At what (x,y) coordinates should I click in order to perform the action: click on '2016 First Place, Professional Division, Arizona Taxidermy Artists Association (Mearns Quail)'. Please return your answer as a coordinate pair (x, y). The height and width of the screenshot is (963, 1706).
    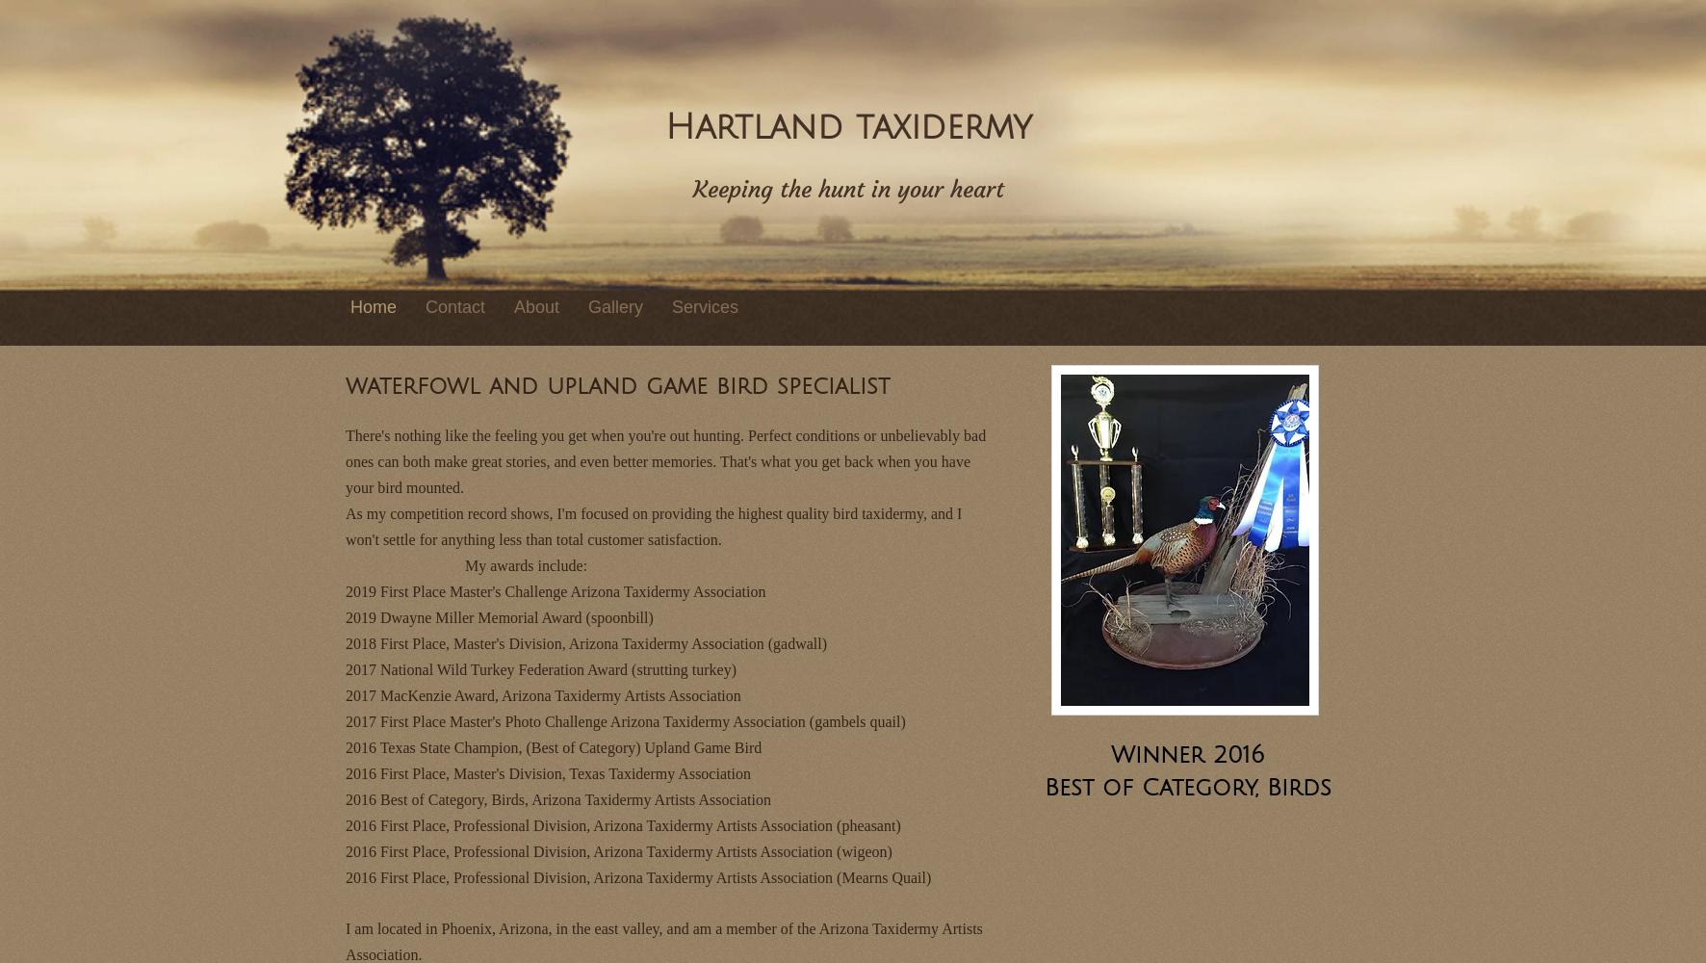
    Looking at the image, I should click on (346, 876).